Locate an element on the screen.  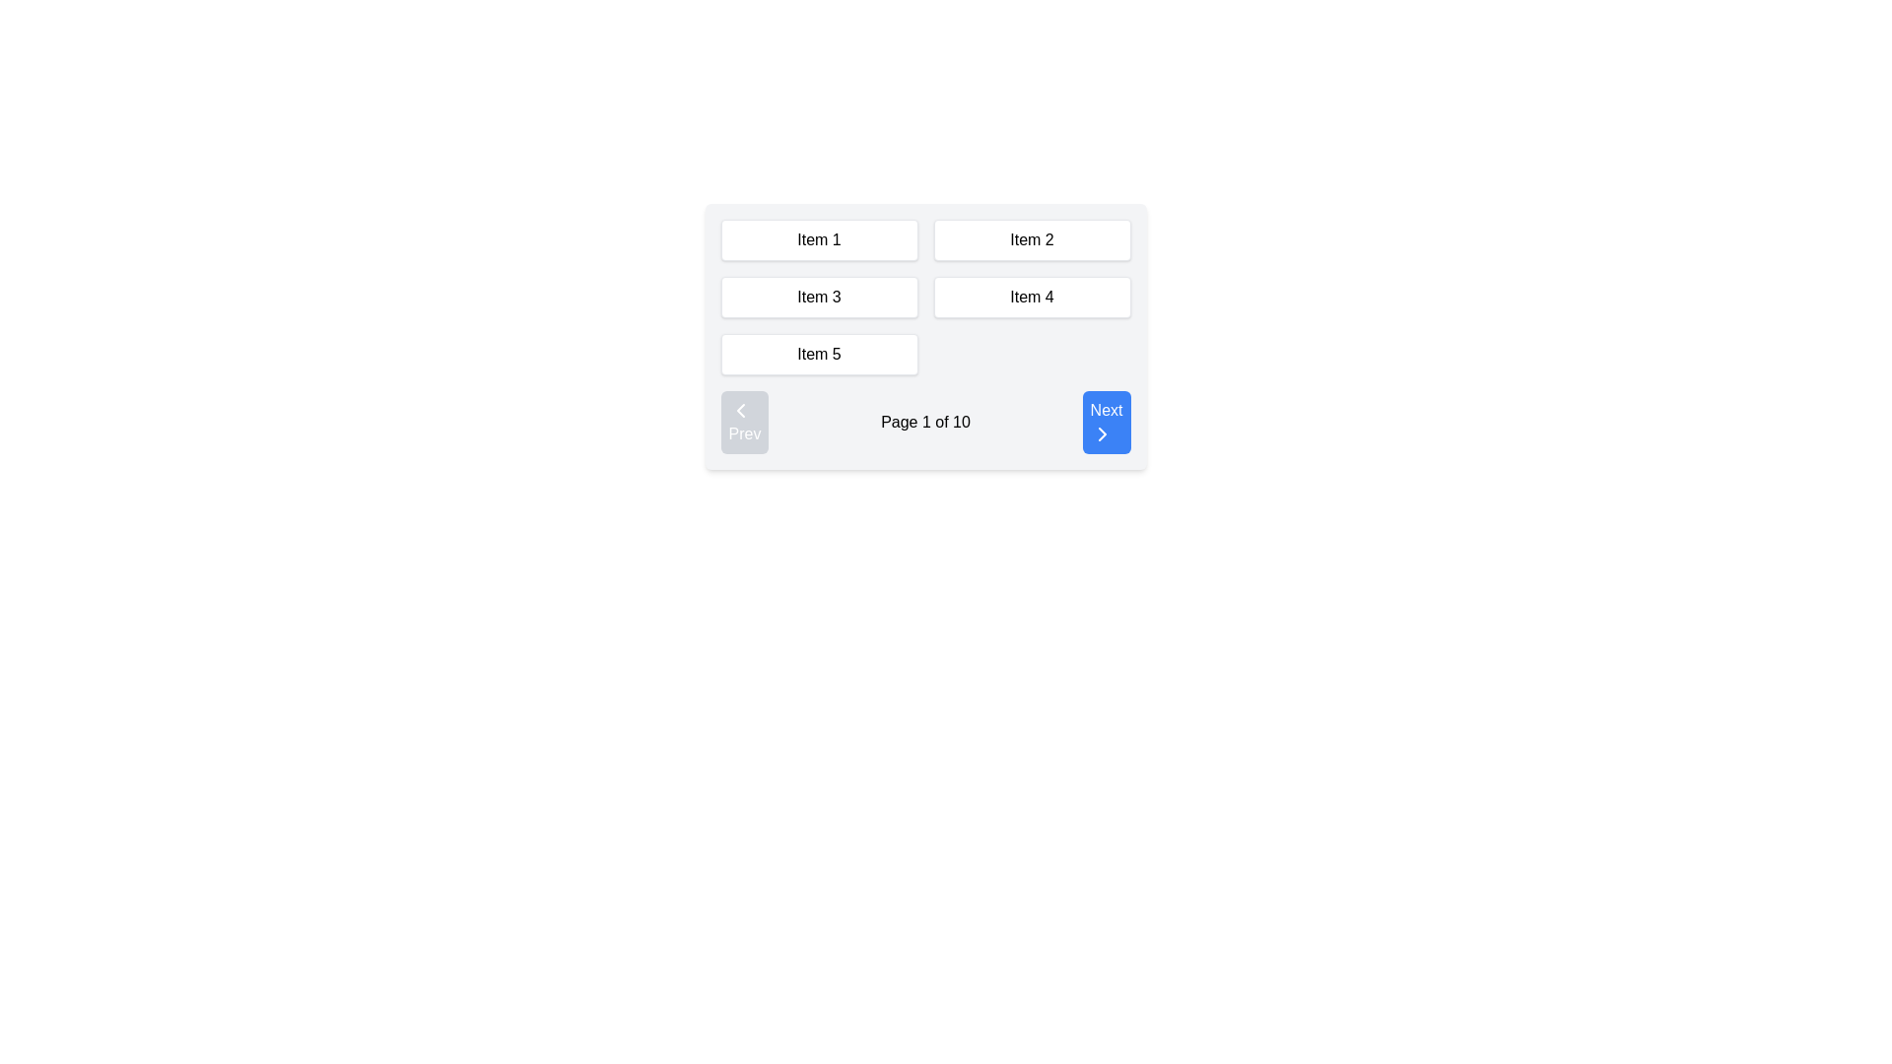
the rectangular box labeled 'Item 2' which has a white background and light gray border is located at coordinates (1031, 238).